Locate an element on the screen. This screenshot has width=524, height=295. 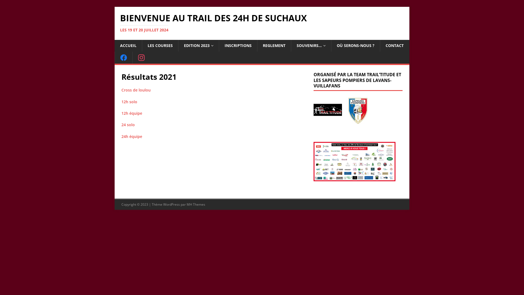
'FACEBOOK' is located at coordinates (114, 58).